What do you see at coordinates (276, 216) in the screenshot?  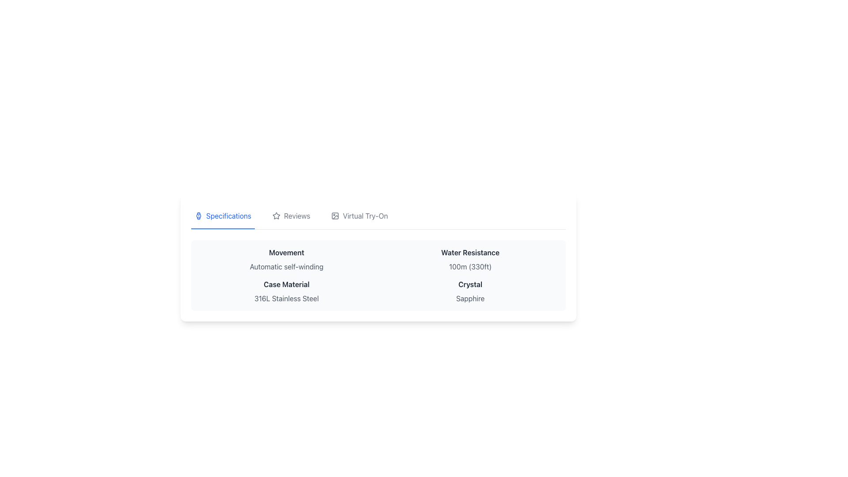 I see `the star-shaped icon located in the header section of the 'Reviews' tab, adjacent to the text label 'Reviews'` at bounding box center [276, 216].